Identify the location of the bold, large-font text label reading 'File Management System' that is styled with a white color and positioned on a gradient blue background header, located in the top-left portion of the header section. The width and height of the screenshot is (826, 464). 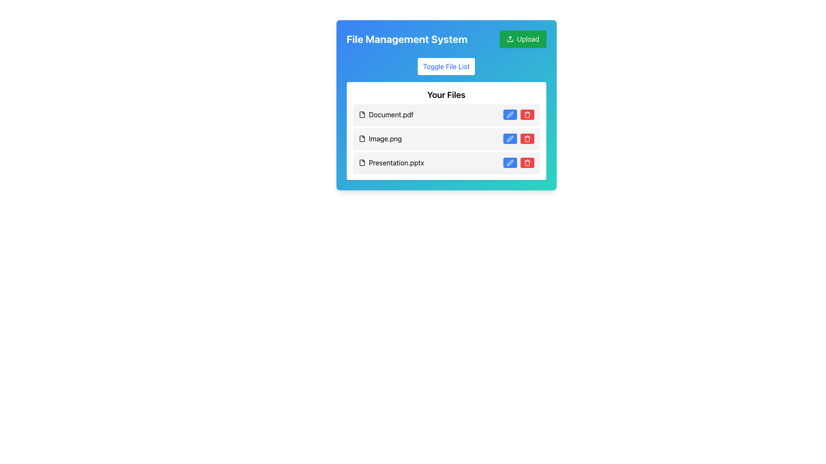
(407, 39).